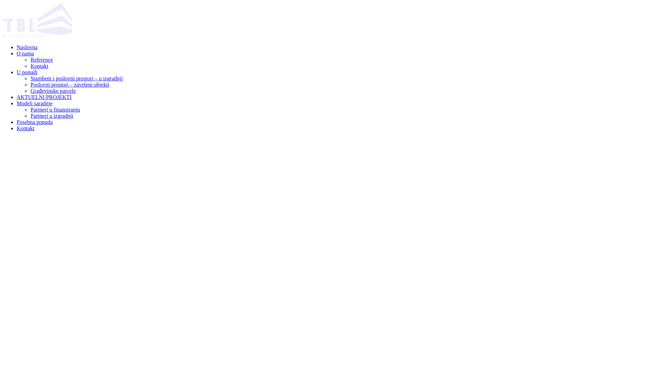 Image resolution: width=665 pixels, height=374 pixels. I want to click on 'Modeli saradnje', so click(34, 103).